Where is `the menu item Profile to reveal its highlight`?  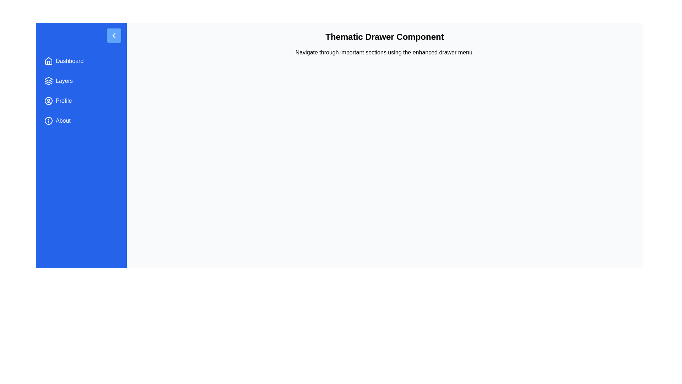 the menu item Profile to reveal its highlight is located at coordinates (81, 101).